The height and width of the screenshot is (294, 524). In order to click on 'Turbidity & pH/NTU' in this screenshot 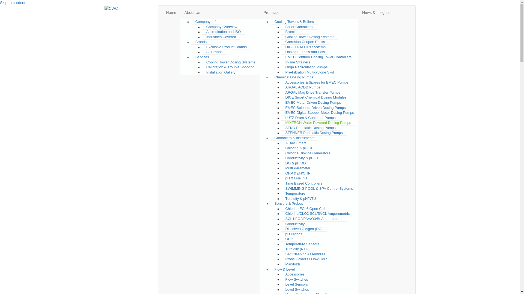, I will do `click(300, 198)`.